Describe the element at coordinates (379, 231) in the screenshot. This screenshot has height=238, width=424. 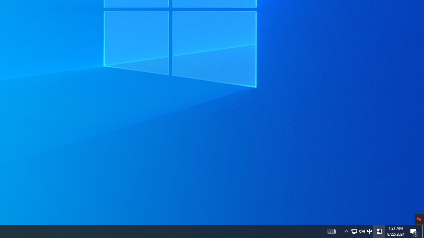
I see `'Q2790: 100%'` at that location.